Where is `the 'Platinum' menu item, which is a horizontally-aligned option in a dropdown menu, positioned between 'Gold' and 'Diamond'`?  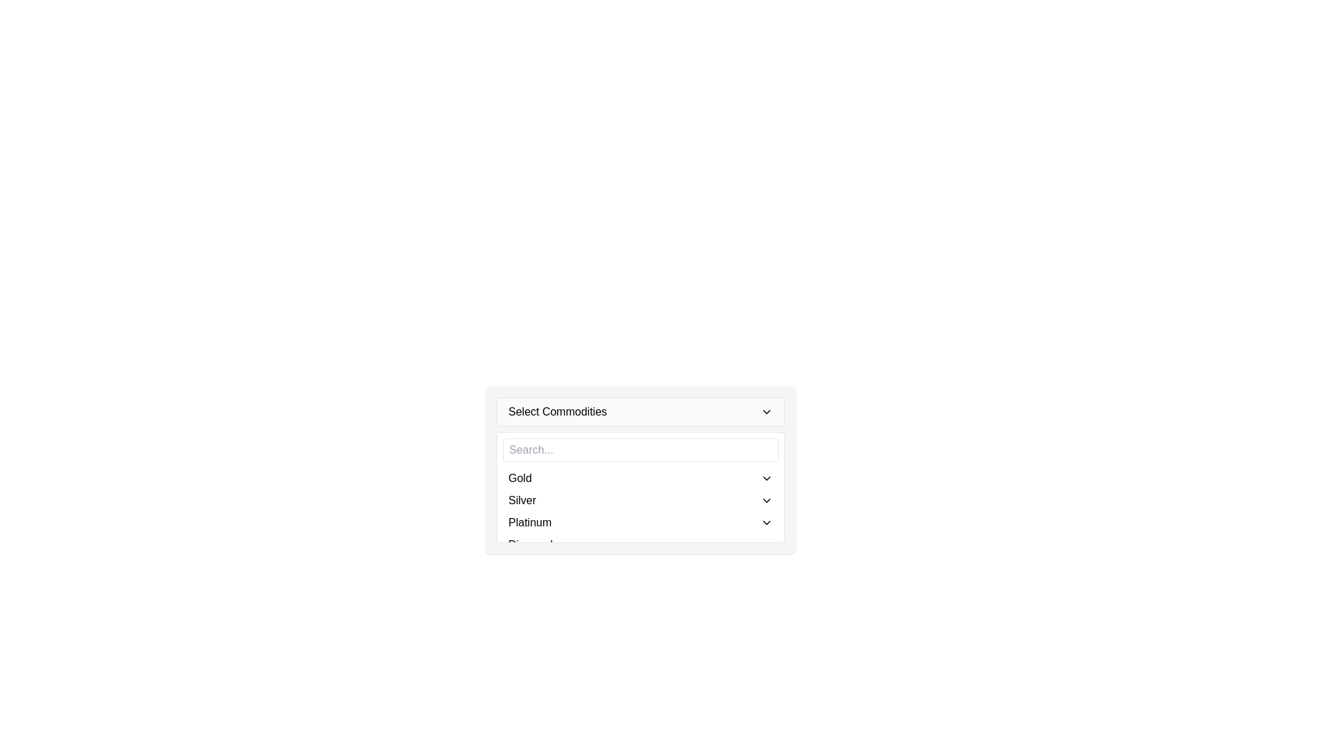 the 'Platinum' menu item, which is a horizontally-aligned option in a dropdown menu, positioned between 'Gold' and 'Diamond' is located at coordinates (640, 523).